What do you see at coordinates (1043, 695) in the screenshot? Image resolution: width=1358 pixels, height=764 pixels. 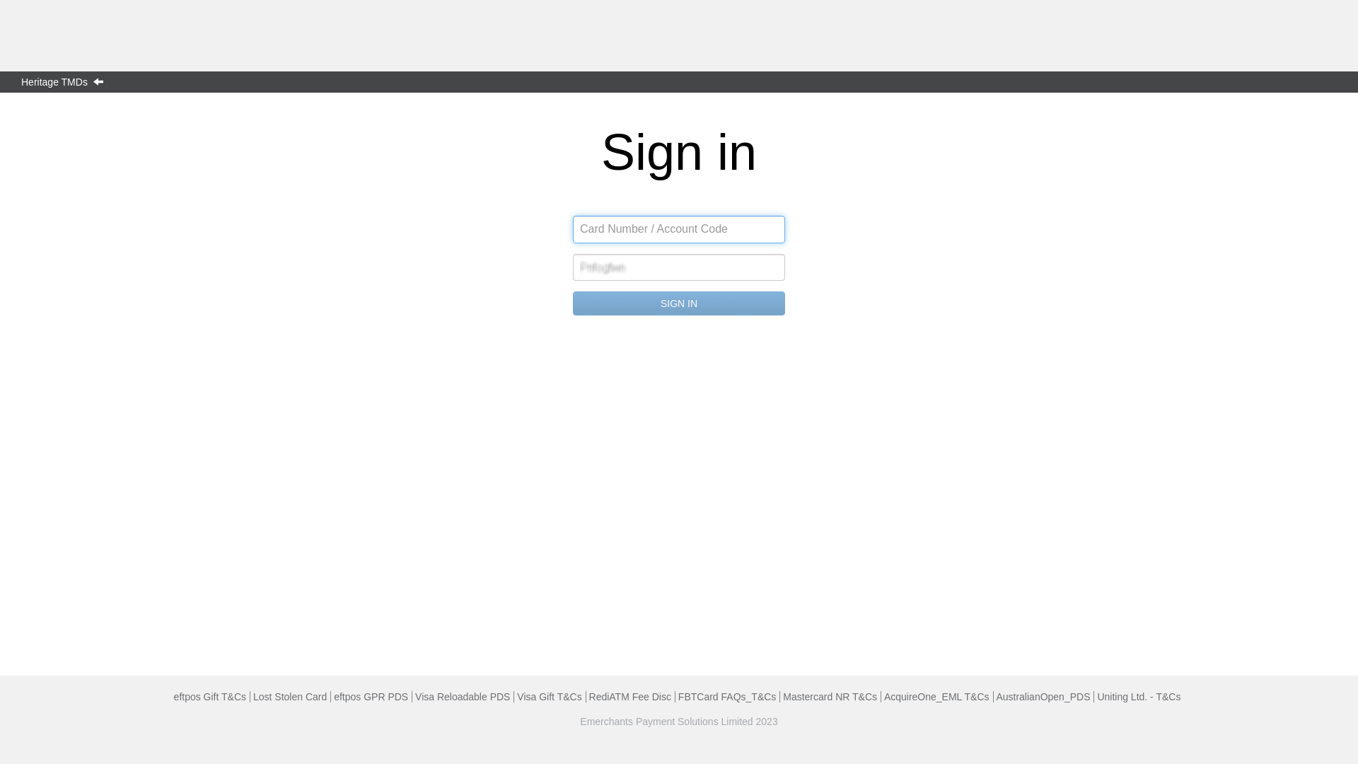 I see `'AustralianOpen_PDS'` at bounding box center [1043, 695].